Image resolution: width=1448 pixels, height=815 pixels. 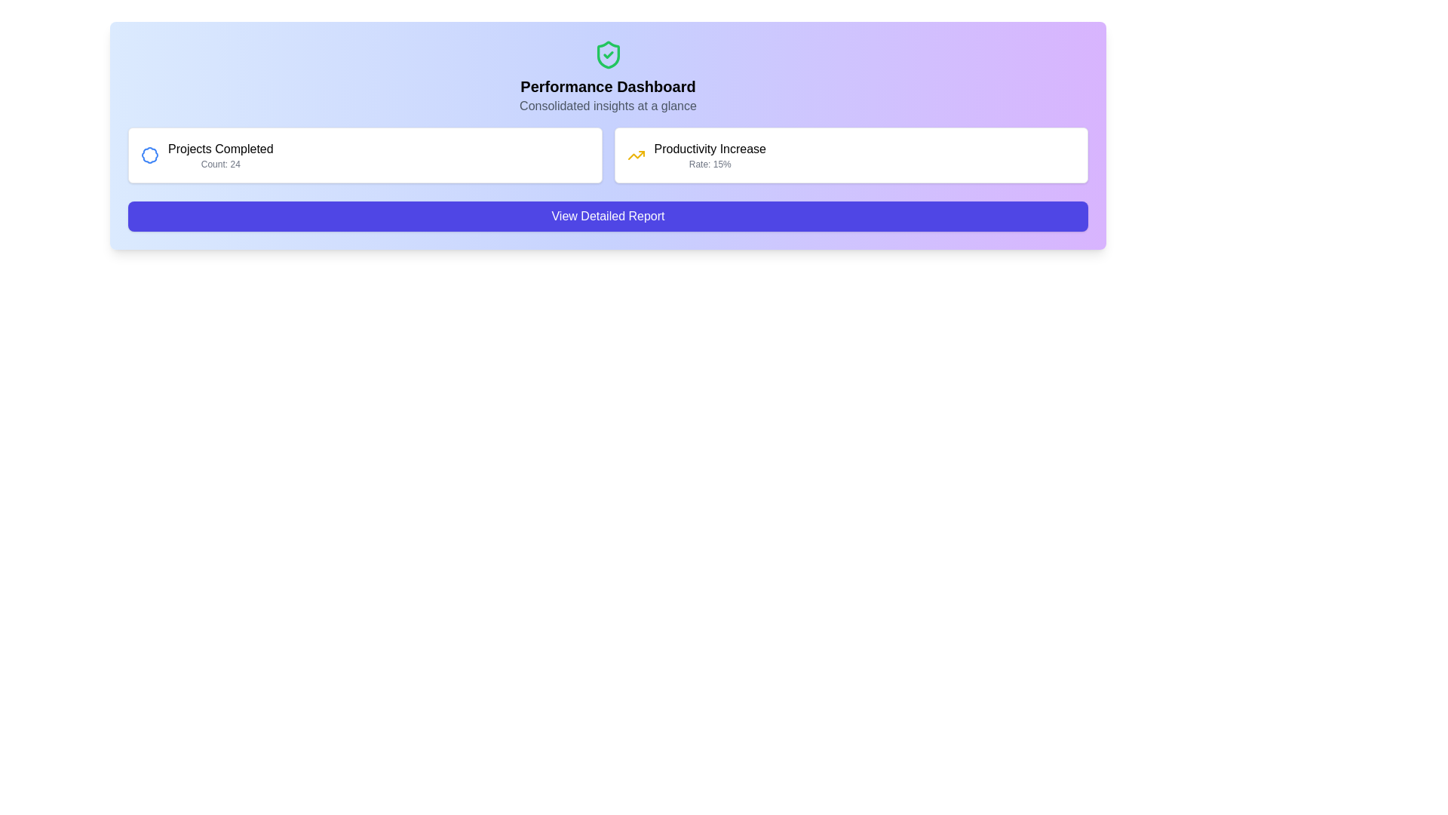 What do you see at coordinates (608, 54) in the screenshot?
I see `the shield-shaped icon with a green outline and check mark symbol, located at the top center above the 'Performance Dashboard' title` at bounding box center [608, 54].